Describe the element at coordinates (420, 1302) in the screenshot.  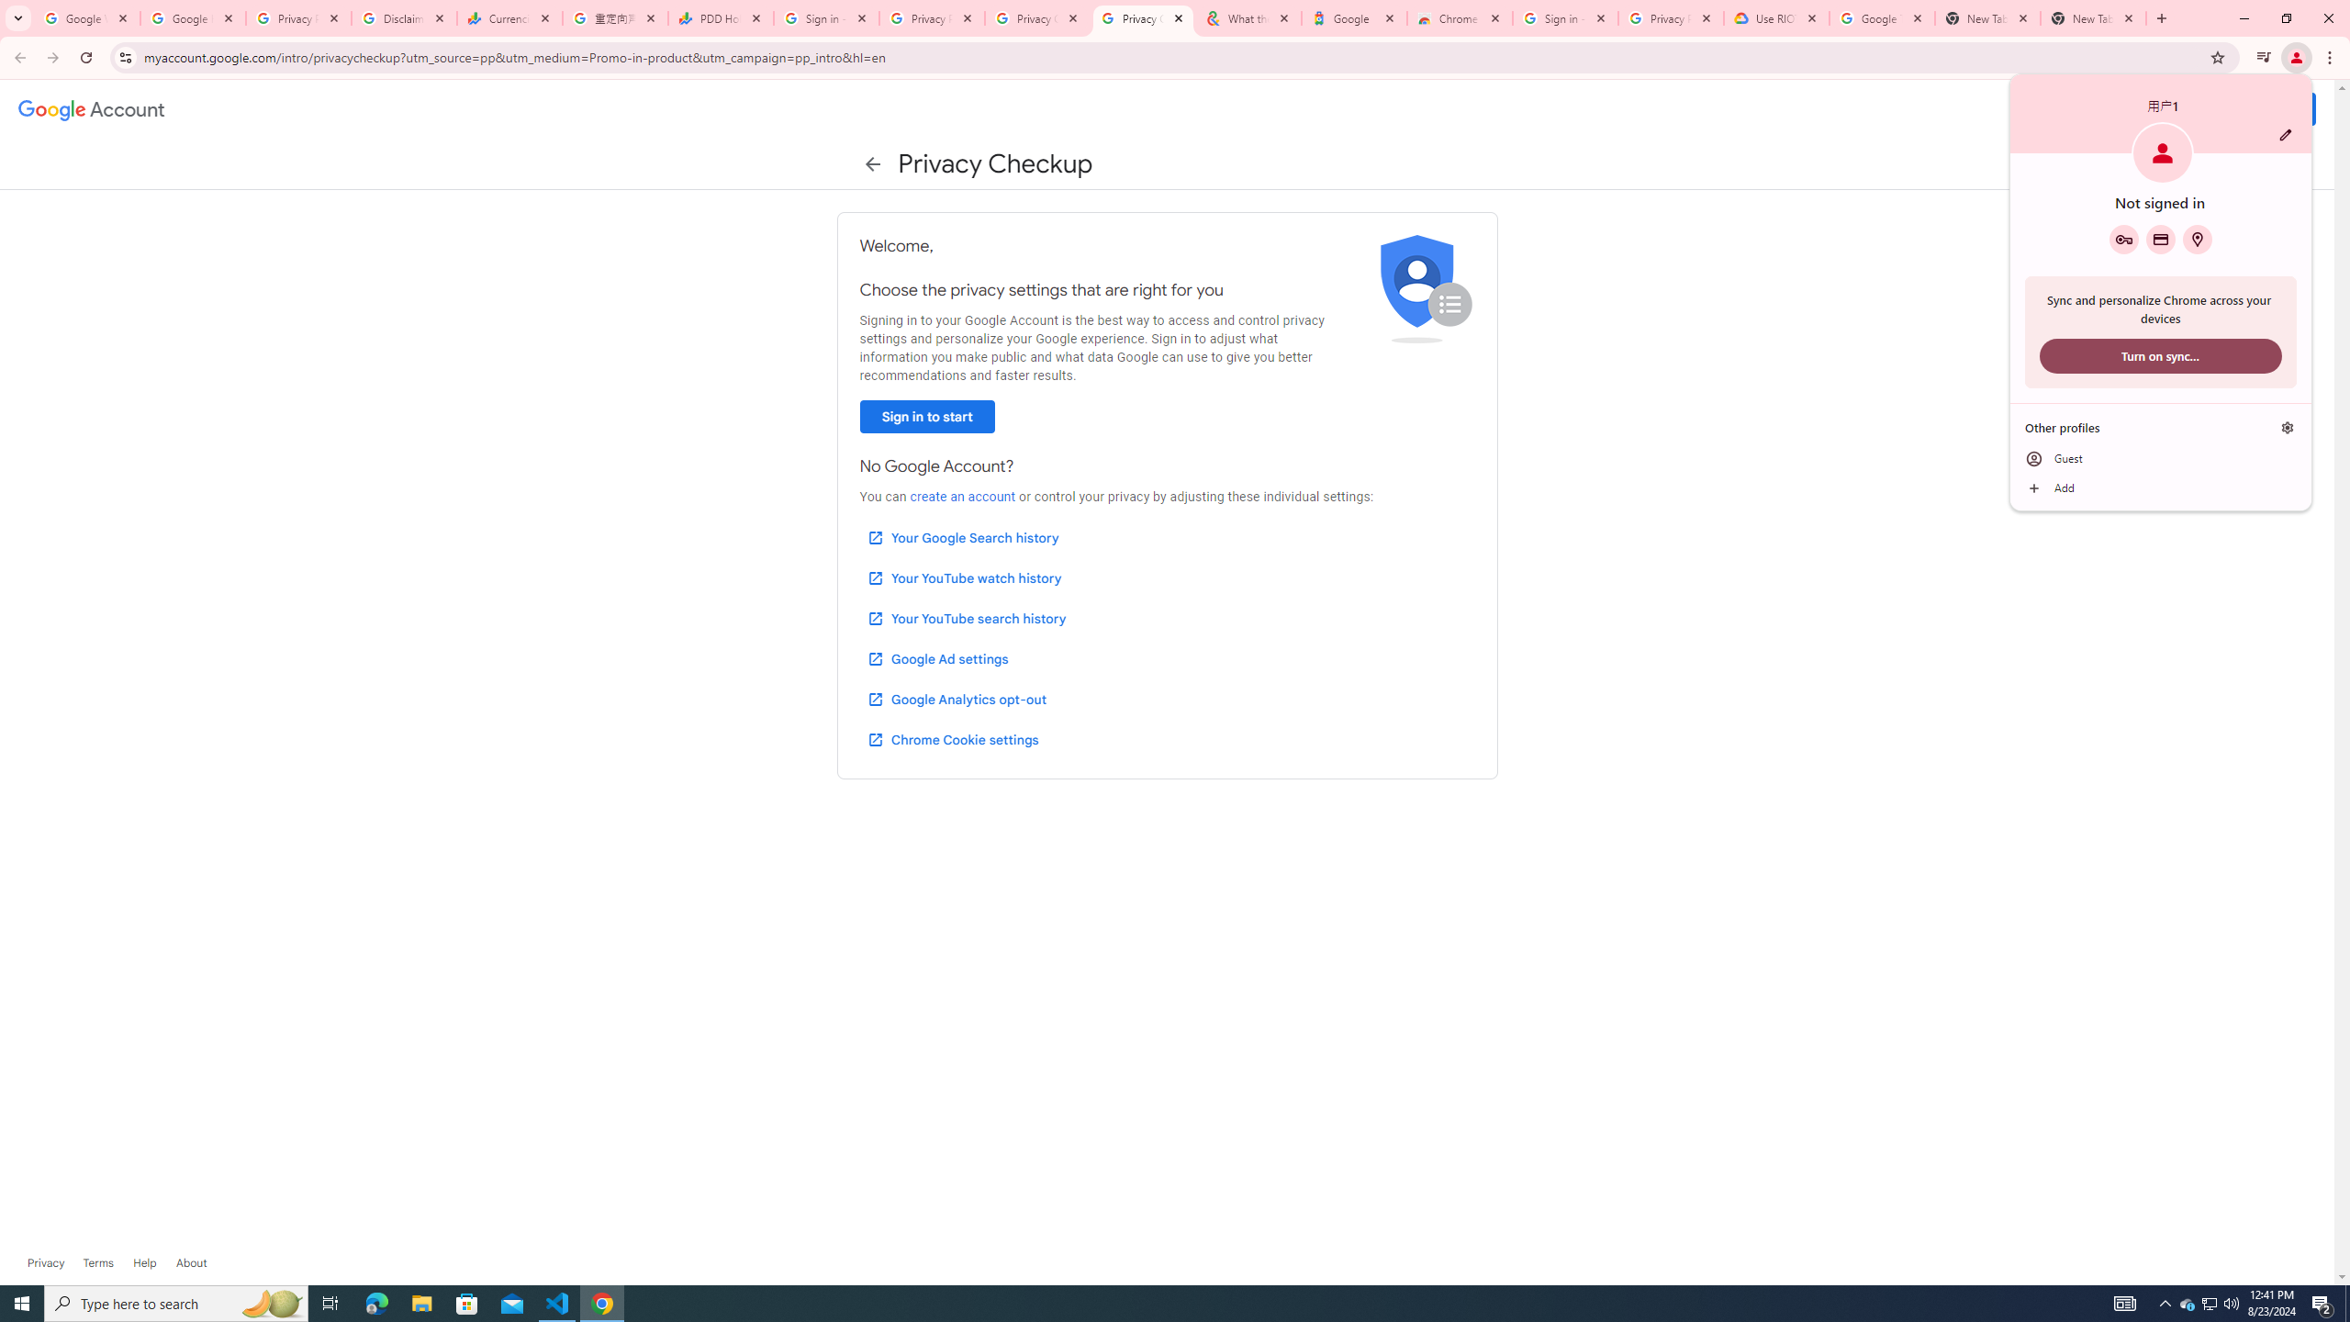
I see `'File Explorer'` at that location.